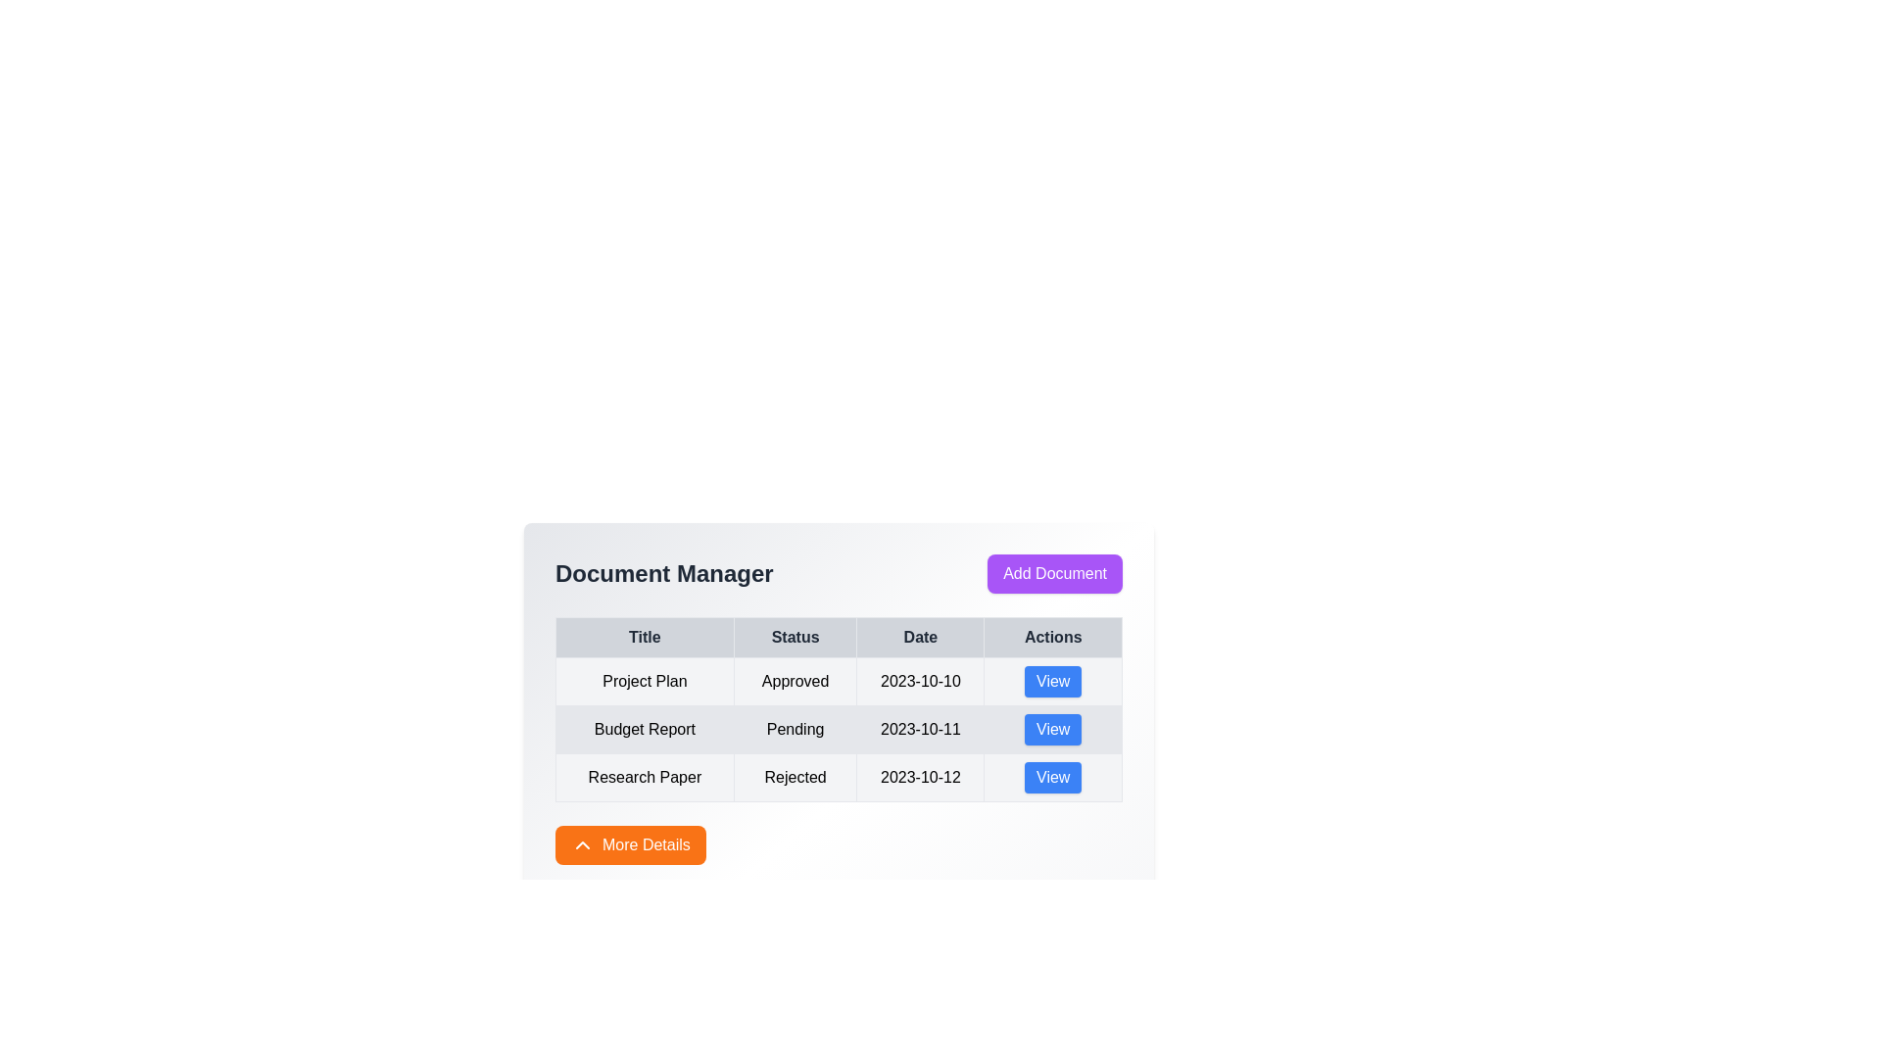 Image resolution: width=1881 pixels, height=1058 pixels. What do you see at coordinates (645, 777) in the screenshot?
I see `the non-interactive text label displaying the title for a document entry in the third row of the table under the 'Title' column` at bounding box center [645, 777].